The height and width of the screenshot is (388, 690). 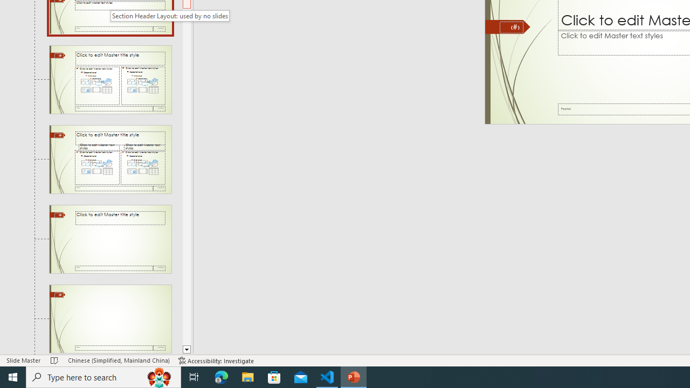 I want to click on 'Slide Comparison Layout: used by no slides', so click(x=110, y=160).